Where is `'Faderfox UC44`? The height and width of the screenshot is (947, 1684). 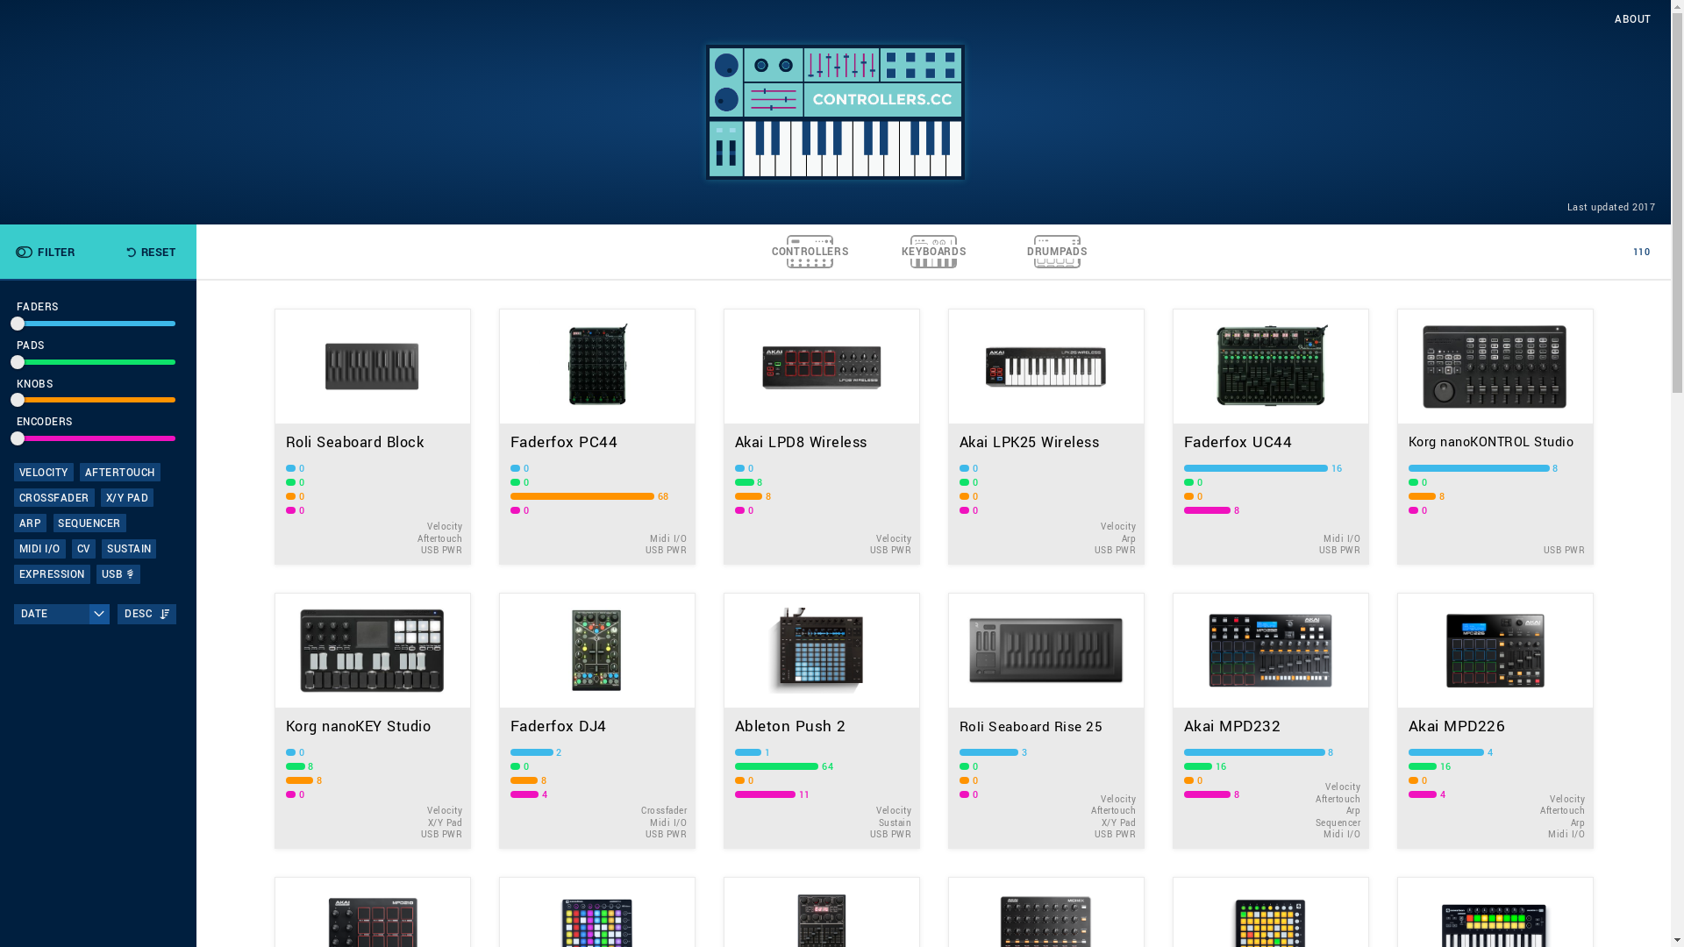
'Faderfox UC44 is located at coordinates (1171, 435).